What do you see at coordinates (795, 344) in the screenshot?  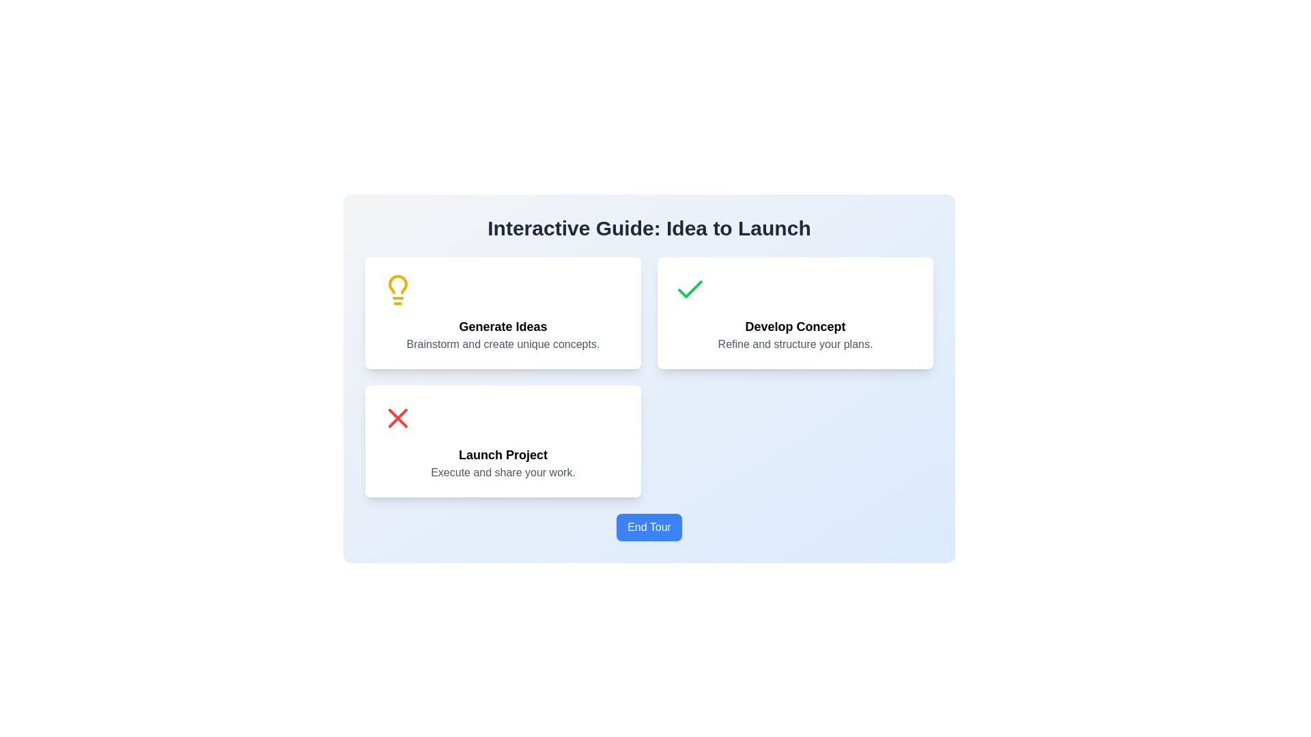 I see `the text label displaying 'Refine and structure your plans.' within the 'Develop Concept' card, which is centrally positioned beneath the main title` at bounding box center [795, 344].